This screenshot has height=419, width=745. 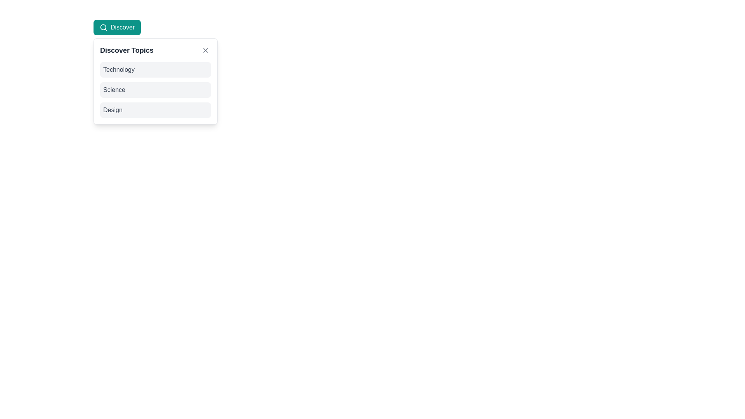 What do you see at coordinates (155, 81) in the screenshot?
I see `the 'Discover Topics' dropdown menu` at bounding box center [155, 81].